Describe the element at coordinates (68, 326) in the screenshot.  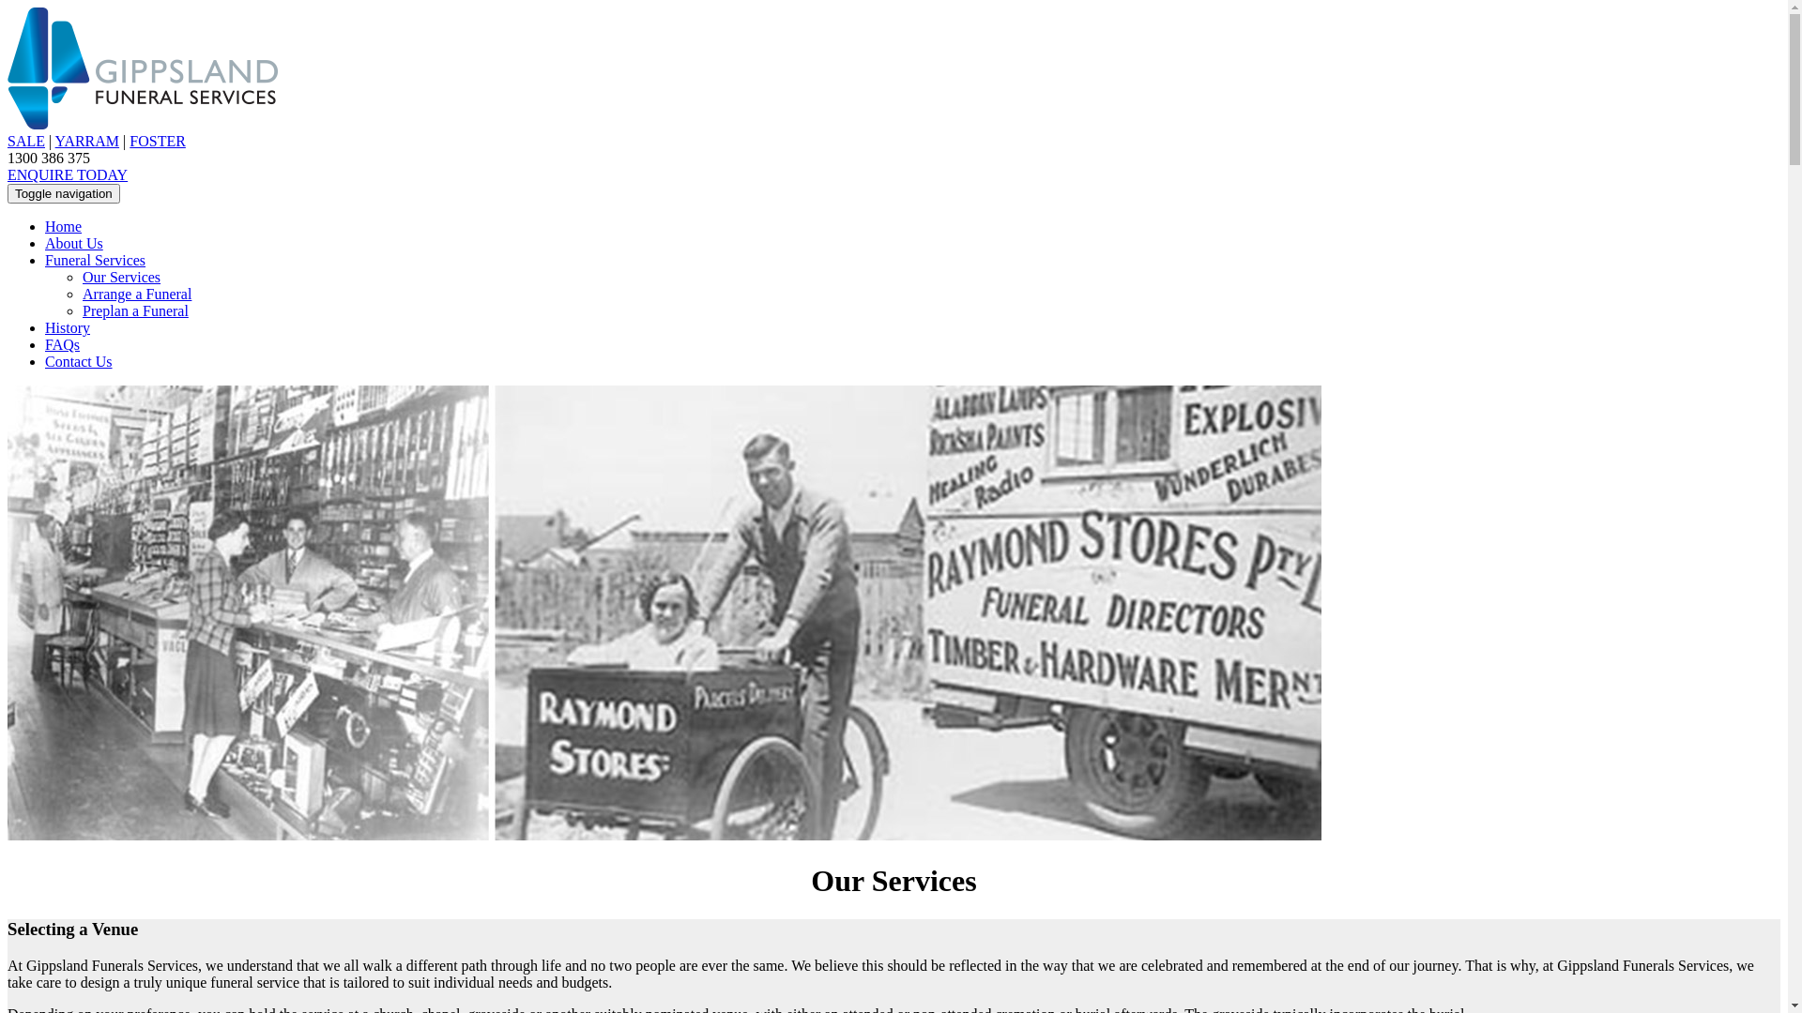
I see `'History'` at that location.